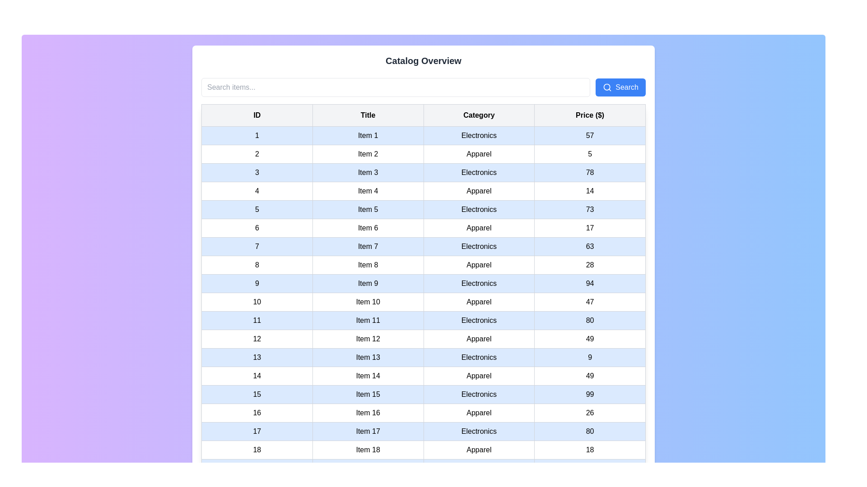 The image size is (867, 487). I want to click on content from the Table Row located in the 16th row of the table, which includes details such as ID, Title, Category, and Price, so click(423, 413).